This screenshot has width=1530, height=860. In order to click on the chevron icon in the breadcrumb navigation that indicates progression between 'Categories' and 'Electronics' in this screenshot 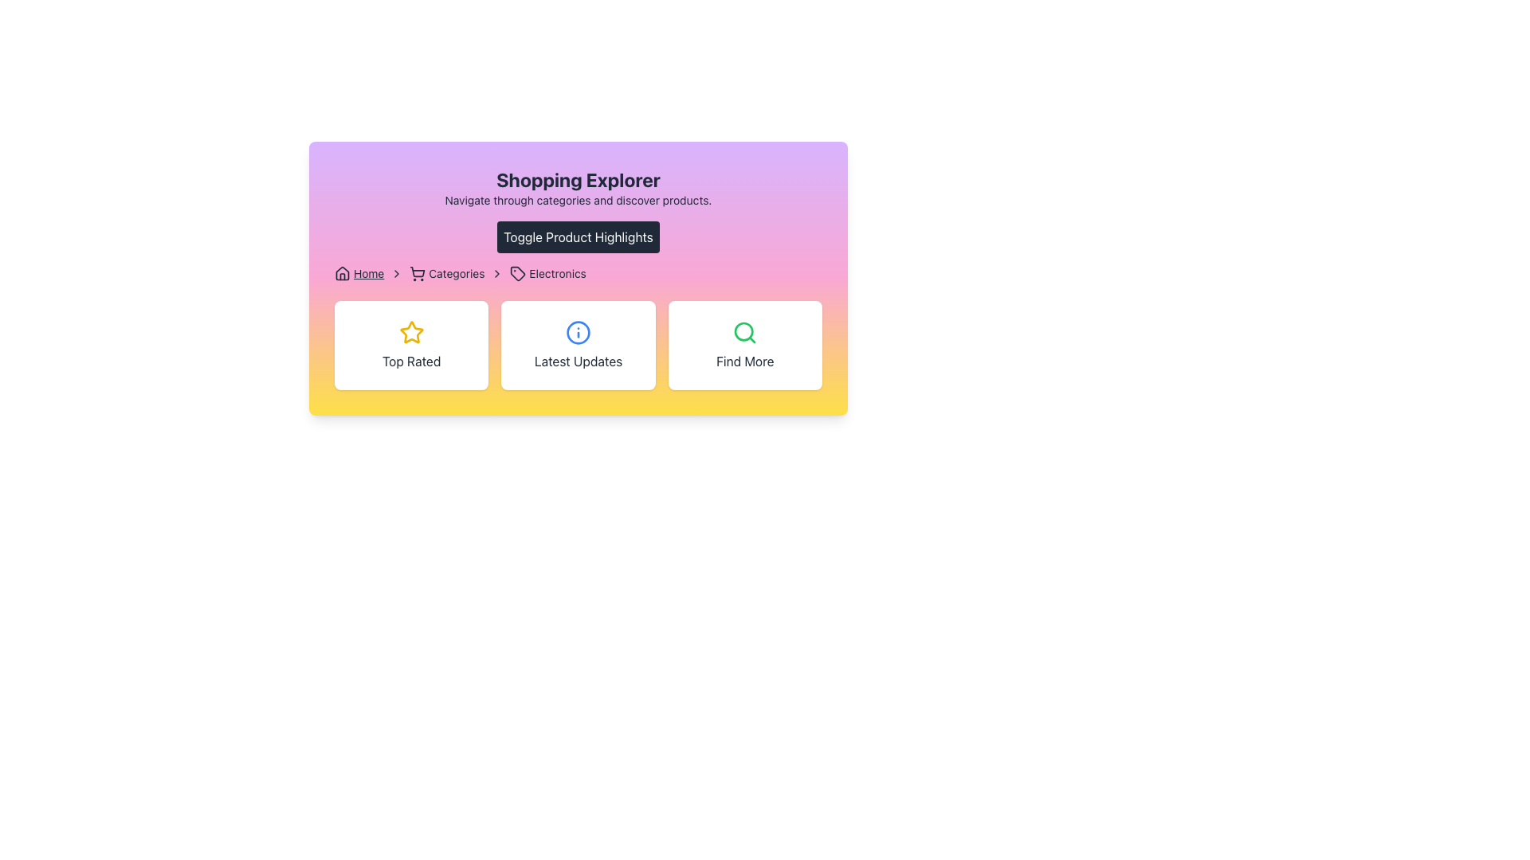, I will do `click(496, 272)`.